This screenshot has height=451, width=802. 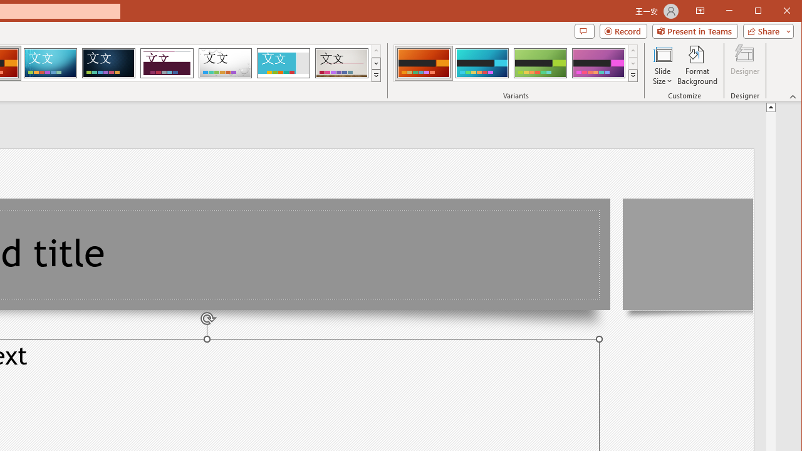 What do you see at coordinates (50, 63) in the screenshot?
I see `'Circuit'` at bounding box center [50, 63].